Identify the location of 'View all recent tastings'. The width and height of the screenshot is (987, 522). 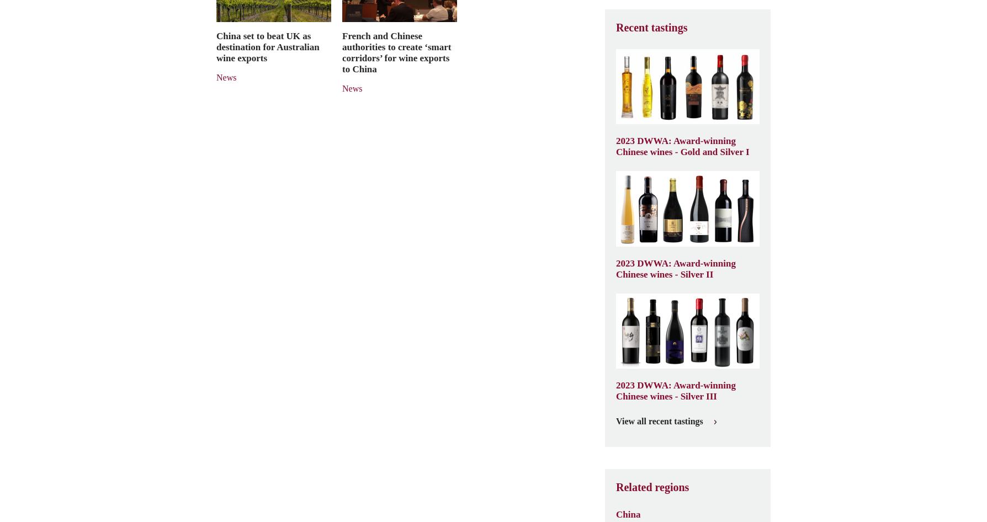
(659, 420).